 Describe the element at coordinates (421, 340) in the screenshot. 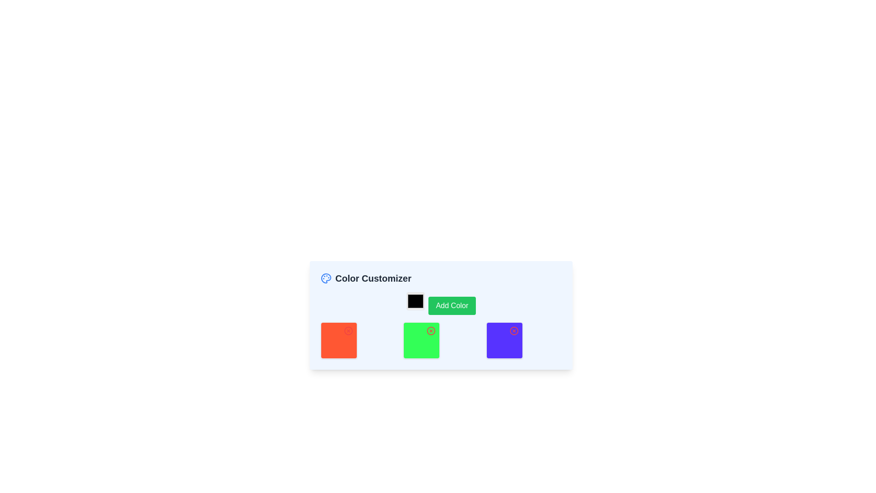

I see `the interactive color box with a close icon` at that location.